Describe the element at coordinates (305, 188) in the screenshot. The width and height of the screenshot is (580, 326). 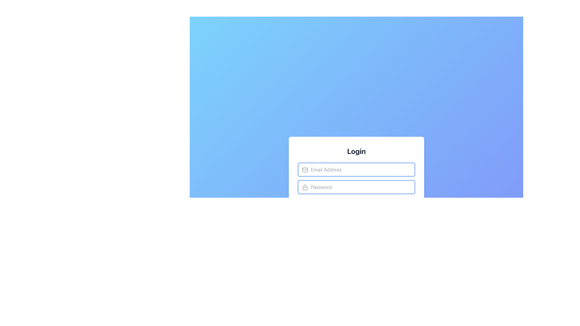
I see `the rectangular lock body element located at the bottom section of the lock icon, which is positioned directly below the arc of the lock, adjacent to the 'Password' input field` at that location.